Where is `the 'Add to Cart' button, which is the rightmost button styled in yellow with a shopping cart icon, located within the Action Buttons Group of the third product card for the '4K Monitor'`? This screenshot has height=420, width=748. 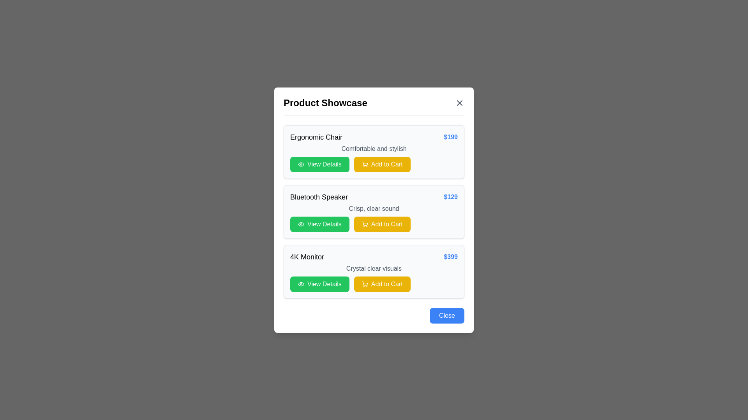
the 'Add to Cart' button, which is the rightmost button styled in yellow with a shopping cart icon, located within the Action Buttons Group of the third product card for the '4K Monitor' is located at coordinates (374, 283).